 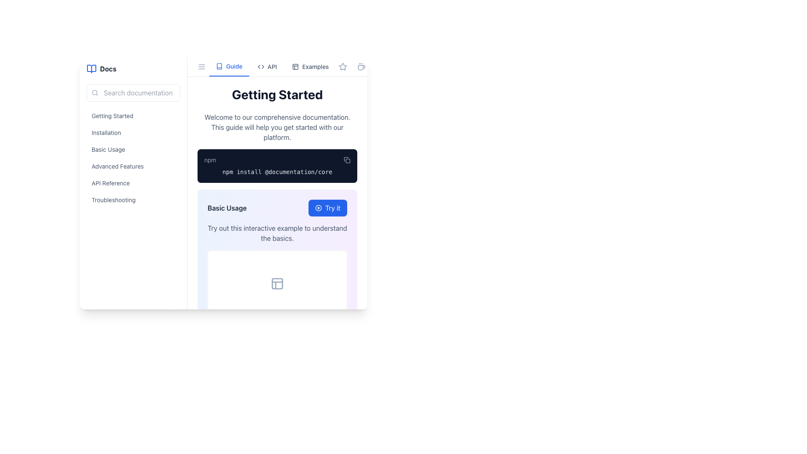 I want to click on the icon representing documentation, located in the sidebar to the left of the 'Docs' text, so click(x=91, y=69).